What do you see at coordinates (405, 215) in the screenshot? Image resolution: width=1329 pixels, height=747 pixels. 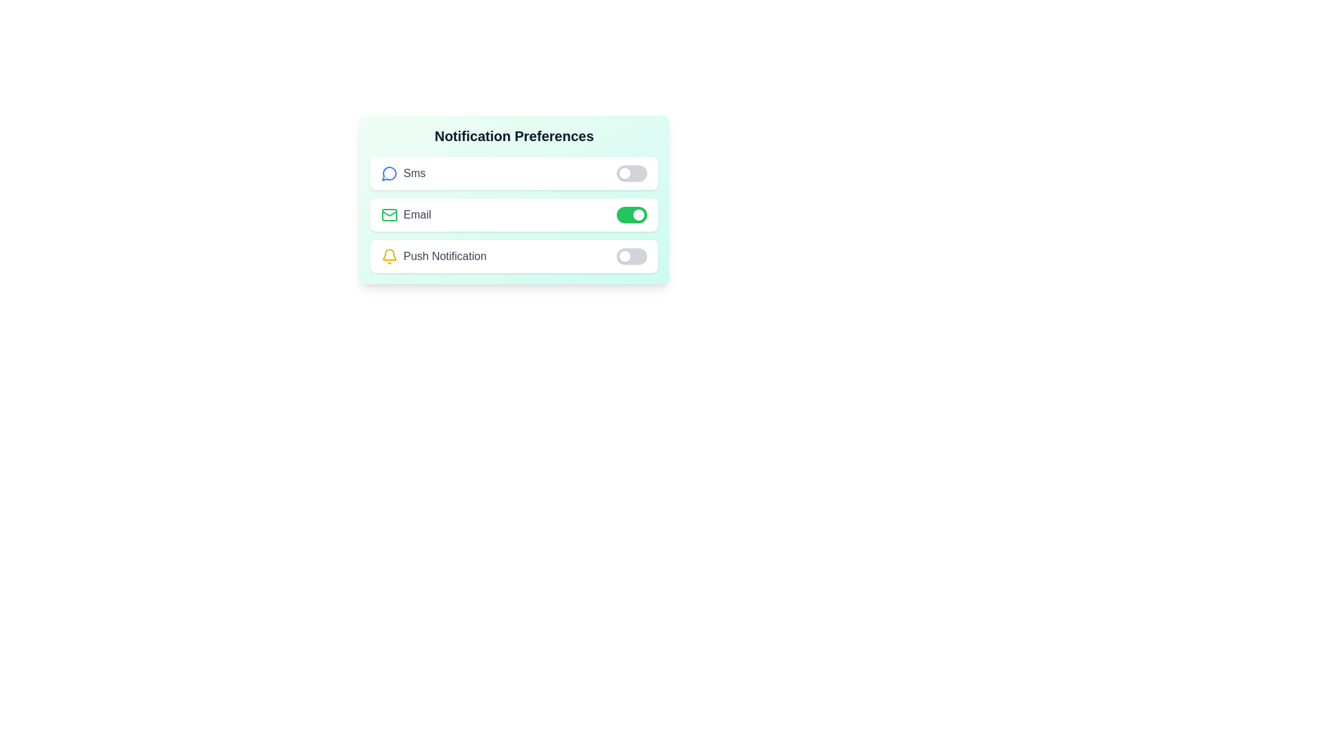 I see `the envelope icon with the 'email' label, which is the second item in the notification preferences list` at bounding box center [405, 215].